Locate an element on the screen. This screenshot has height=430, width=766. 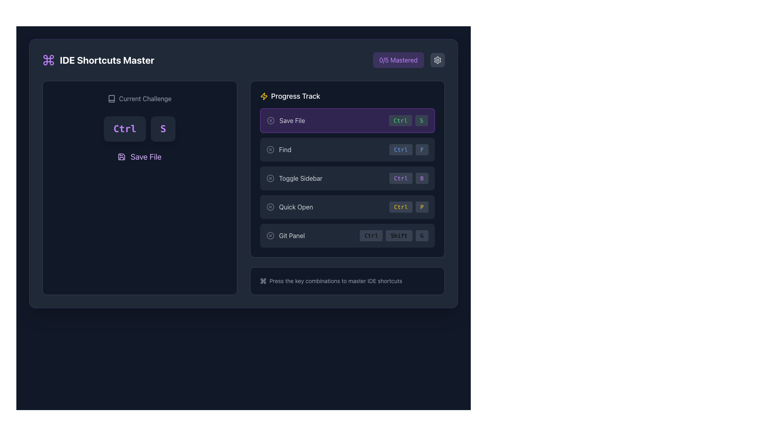
the 'Quick Open' static text label displayed in light gray color within the 'Progress Track' section, which is the fourth element in the stack of interactive components is located at coordinates (296, 207).